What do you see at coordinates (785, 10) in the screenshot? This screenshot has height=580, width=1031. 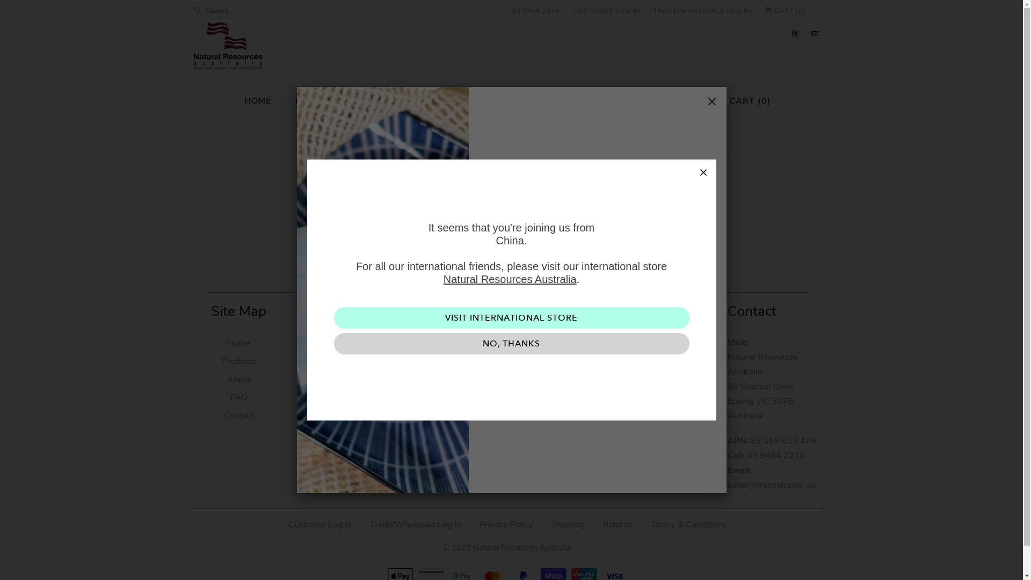 I see `'CART (0)'` at bounding box center [785, 10].